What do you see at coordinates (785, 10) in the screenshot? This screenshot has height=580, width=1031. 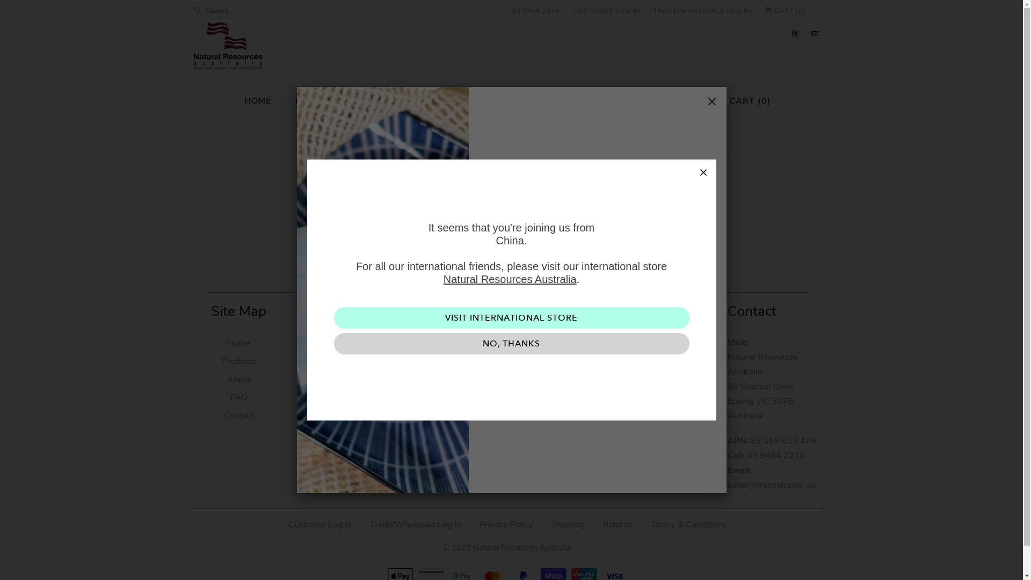 I see `'CART (0)'` at bounding box center [785, 10].